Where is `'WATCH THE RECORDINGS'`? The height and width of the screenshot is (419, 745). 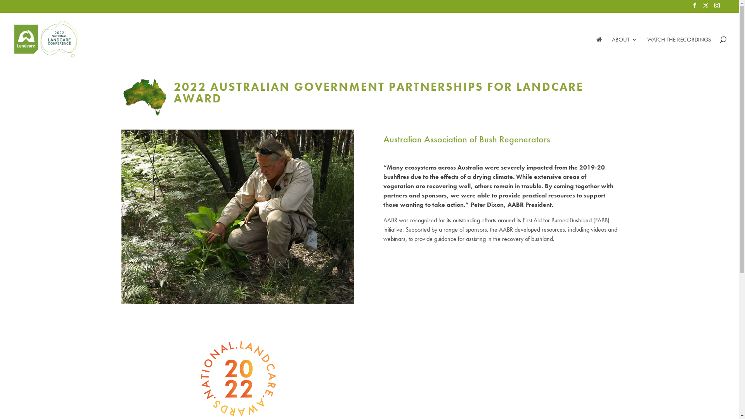
'WATCH THE RECORDINGS' is located at coordinates (647, 51).